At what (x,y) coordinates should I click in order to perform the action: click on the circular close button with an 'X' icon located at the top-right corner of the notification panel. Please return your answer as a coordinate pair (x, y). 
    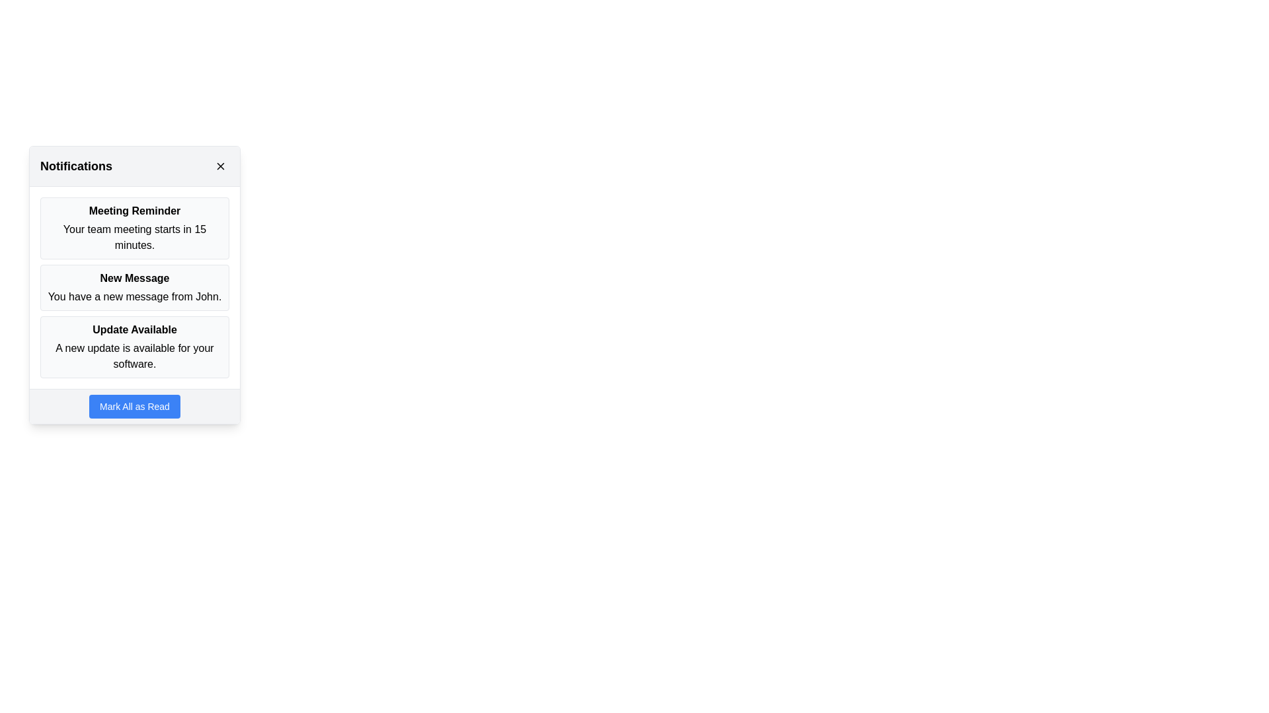
    Looking at the image, I should click on (221, 165).